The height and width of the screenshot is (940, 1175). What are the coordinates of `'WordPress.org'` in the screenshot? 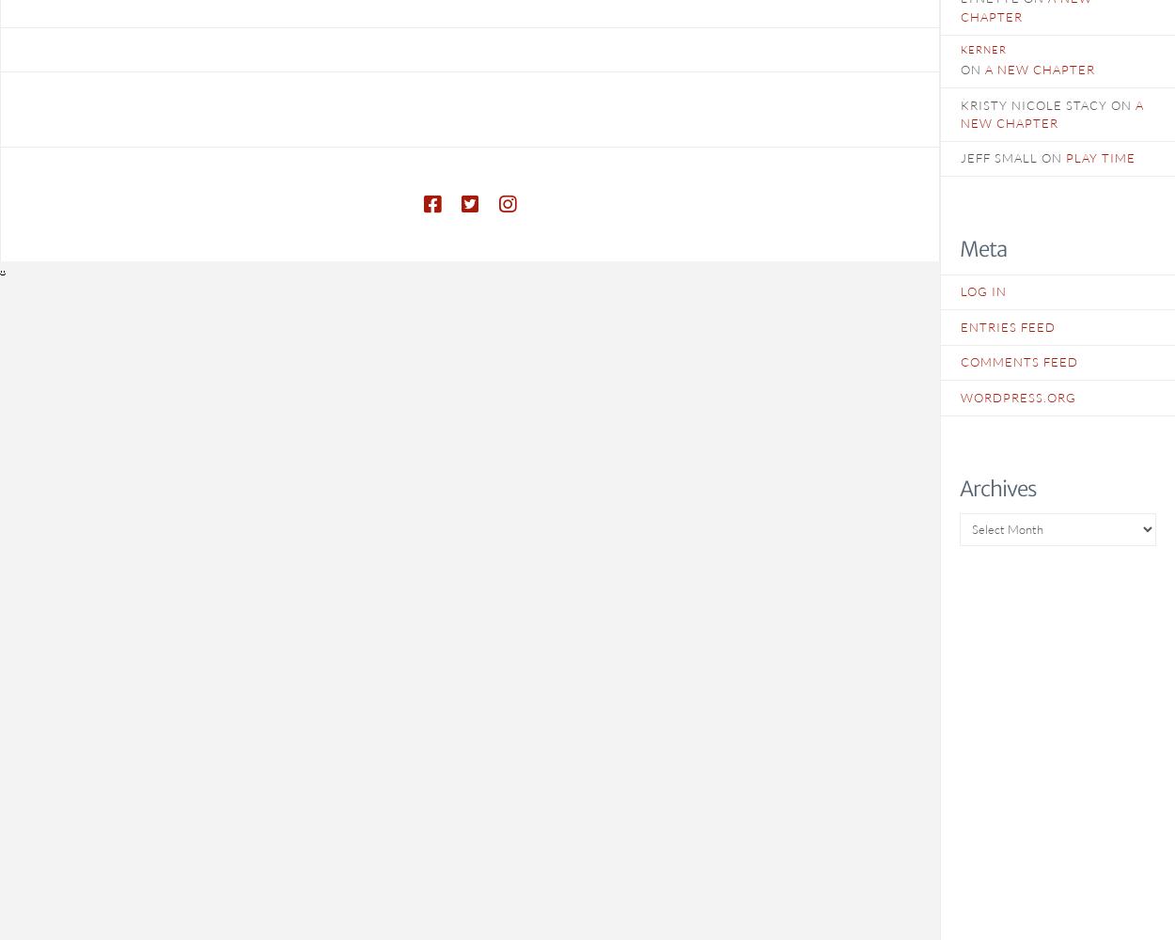 It's located at (1017, 397).